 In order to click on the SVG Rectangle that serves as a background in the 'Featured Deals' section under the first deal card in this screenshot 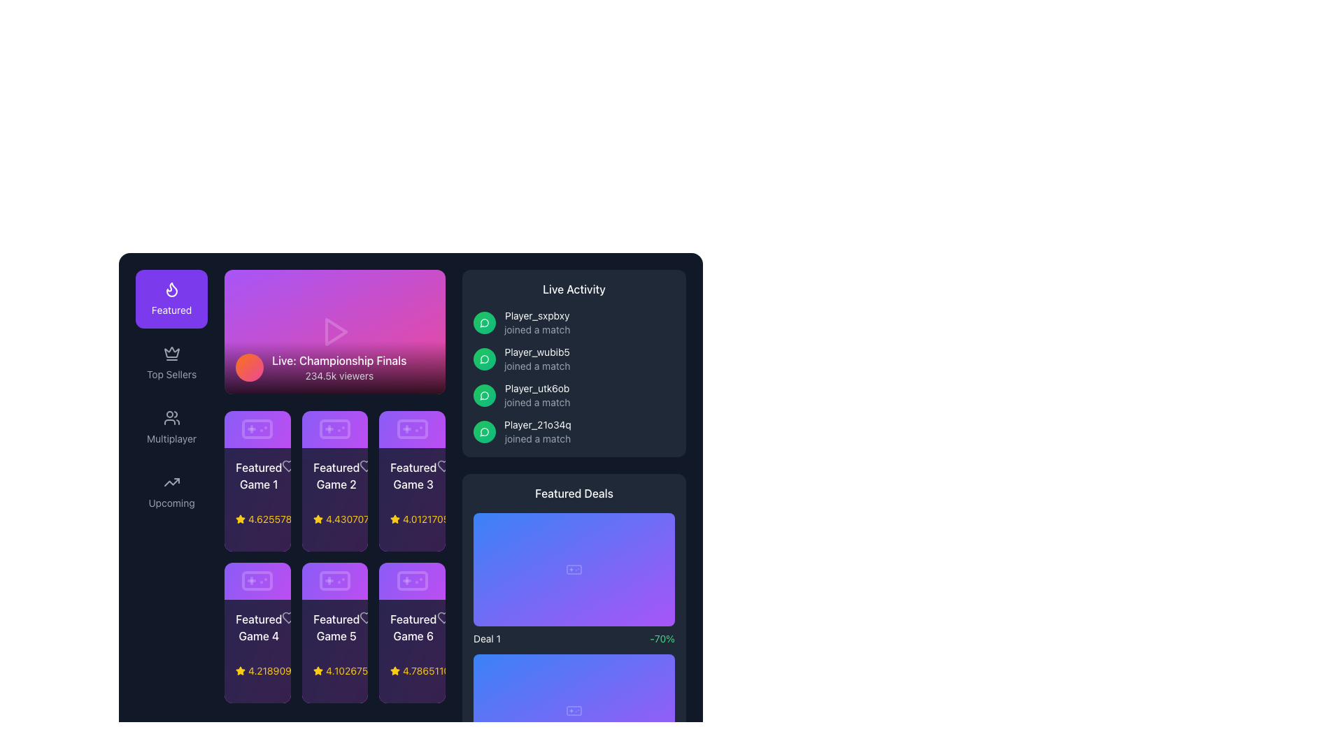, I will do `click(574, 569)`.